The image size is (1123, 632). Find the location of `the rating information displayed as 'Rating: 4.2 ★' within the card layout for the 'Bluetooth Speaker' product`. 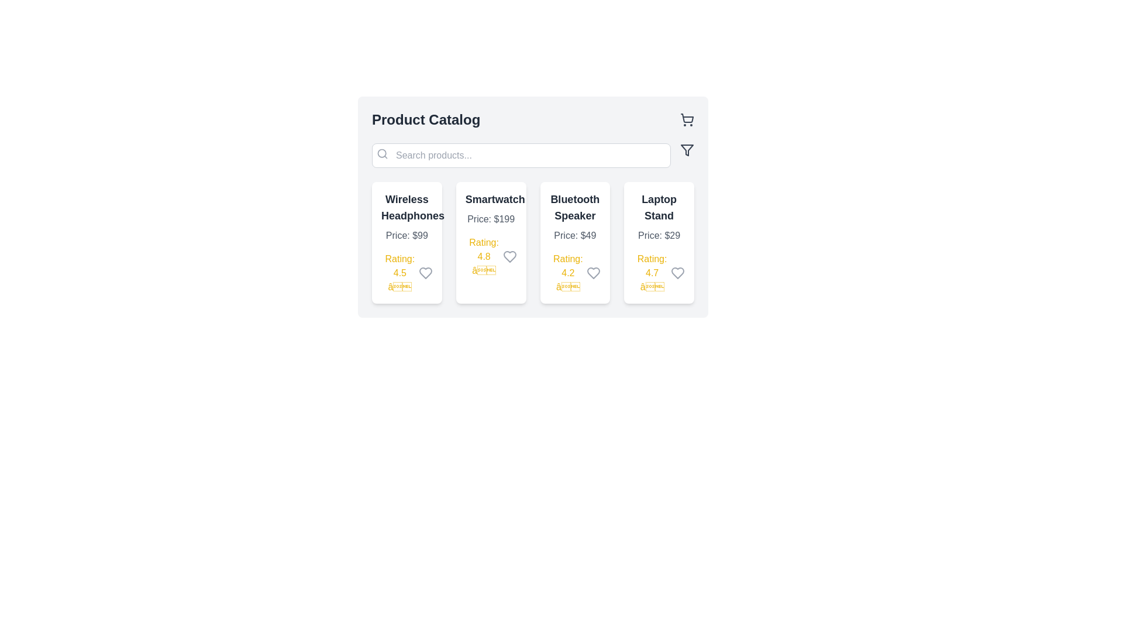

the rating information displayed as 'Rating: 4.2 ★' within the card layout for the 'Bluetooth Speaker' product is located at coordinates (575, 273).